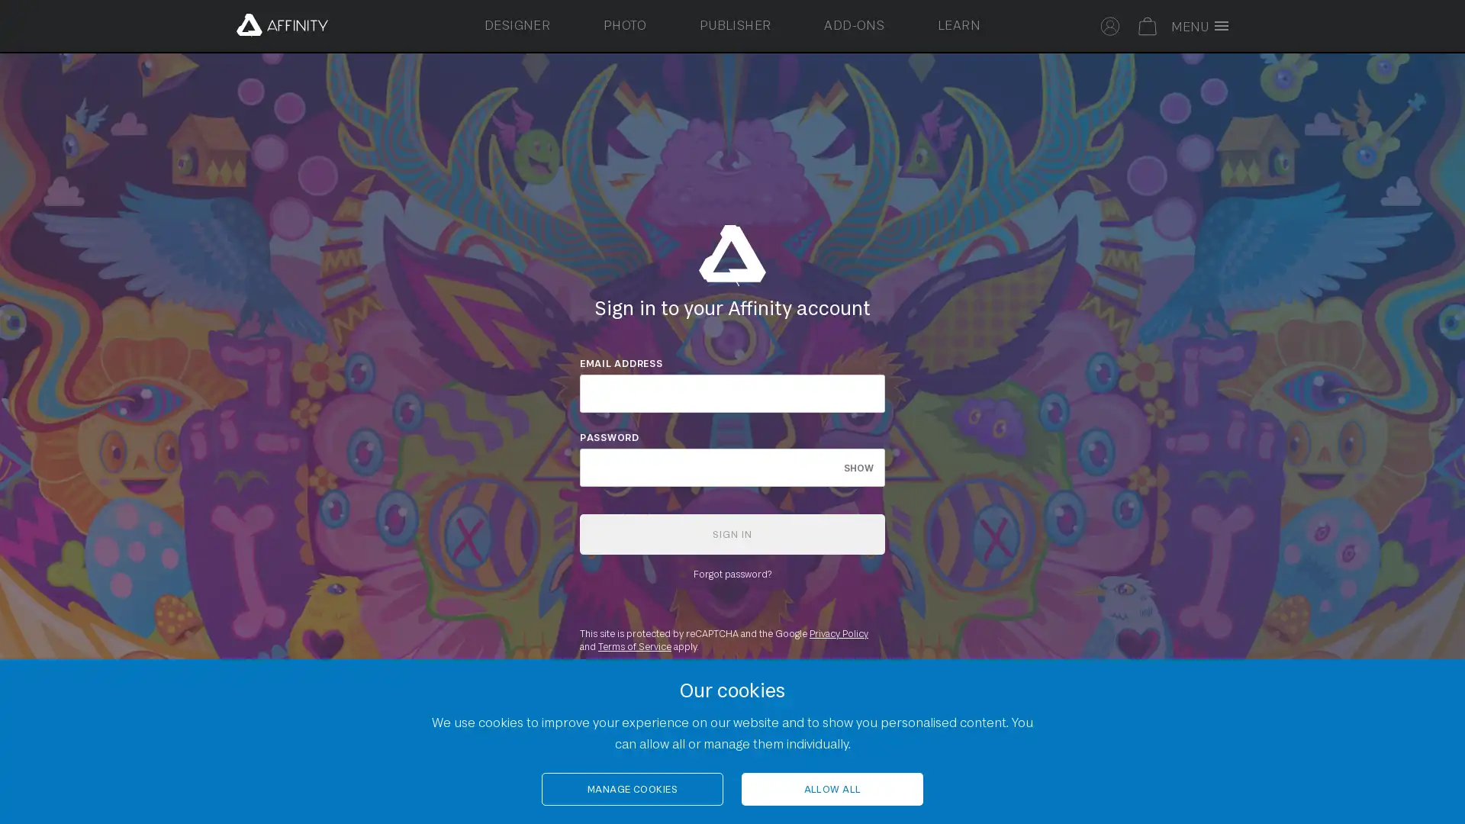 This screenshot has height=824, width=1465. What do you see at coordinates (732, 533) in the screenshot?
I see `SIGN IN` at bounding box center [732, 533].